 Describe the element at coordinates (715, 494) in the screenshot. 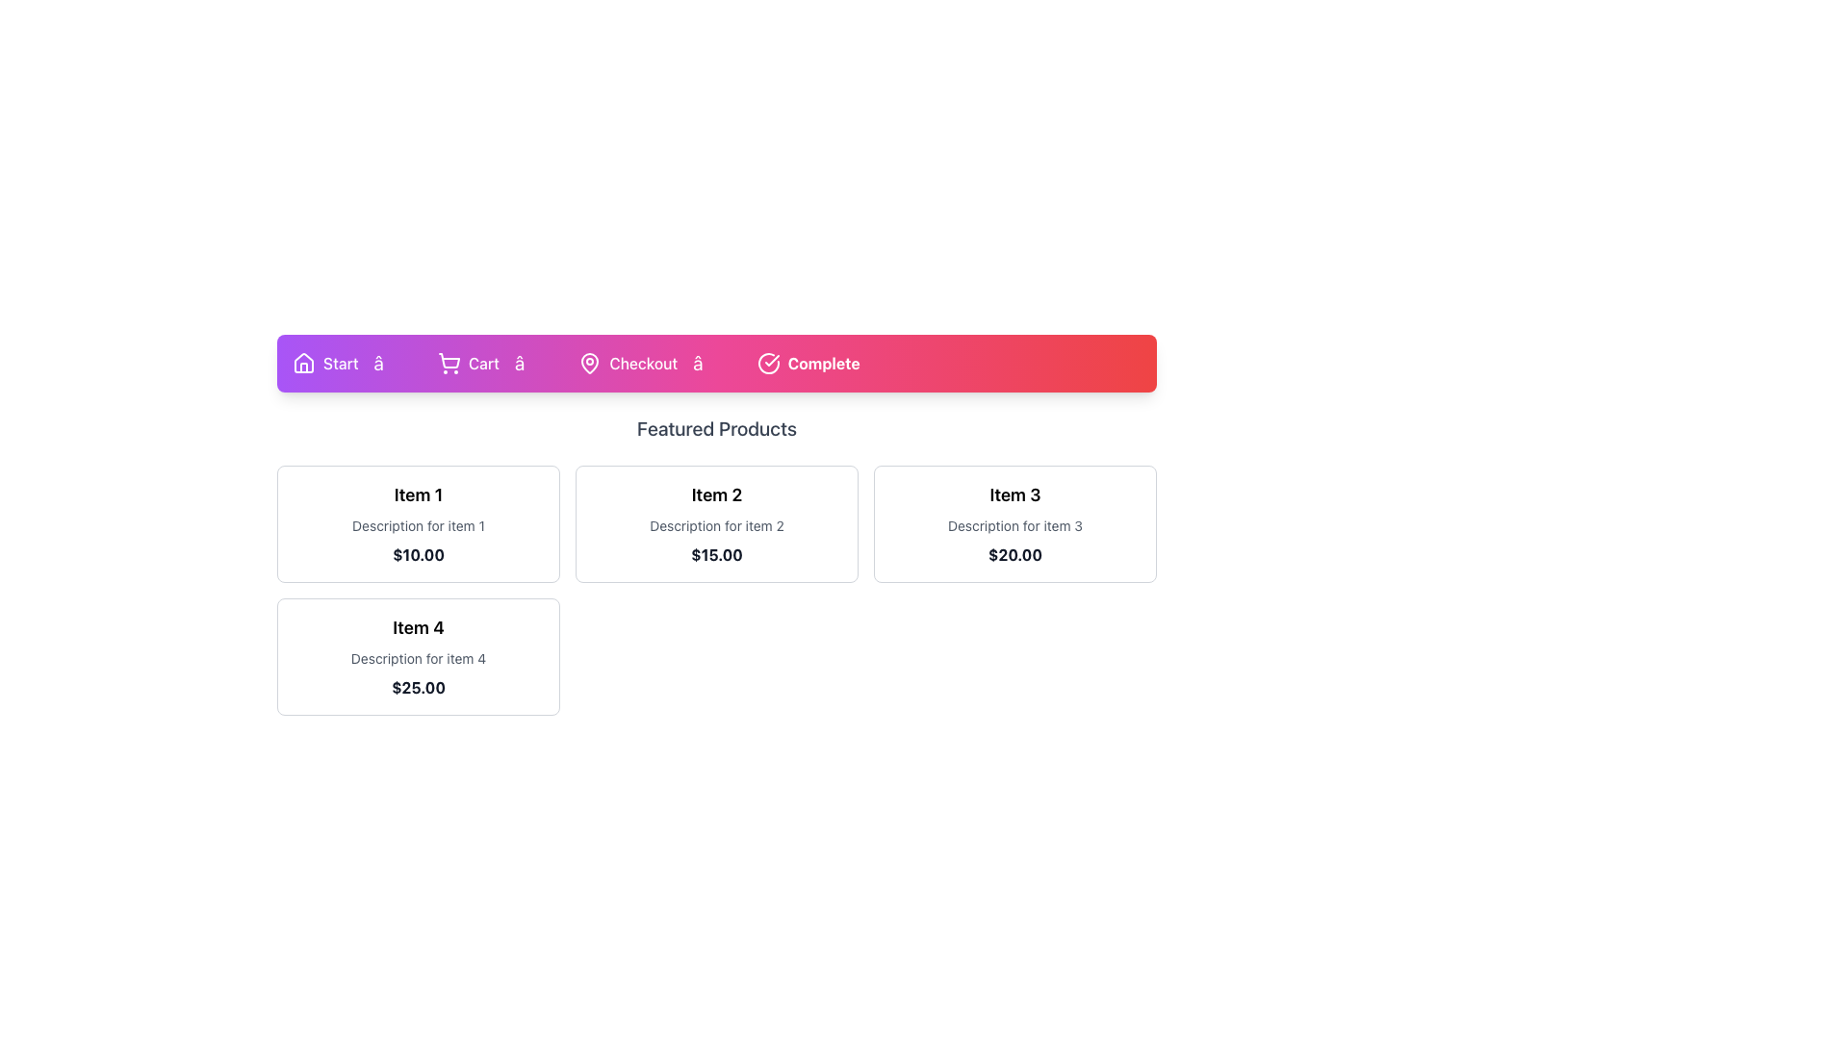

I see `the text label displaying 'Item 2', which is styled in bold black and positioned at the top of the second product card` at that location.